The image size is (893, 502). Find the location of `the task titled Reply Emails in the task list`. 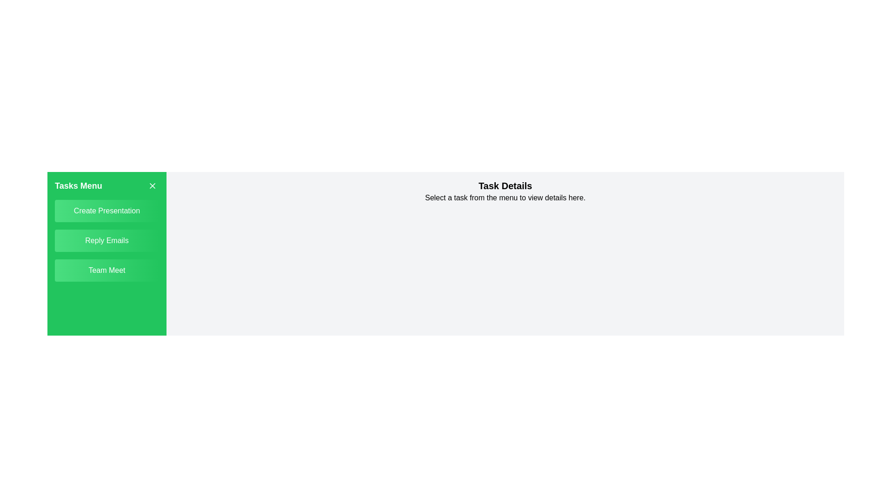

the task titled Reply Emails in the task list is located at coordinates (107, 240).